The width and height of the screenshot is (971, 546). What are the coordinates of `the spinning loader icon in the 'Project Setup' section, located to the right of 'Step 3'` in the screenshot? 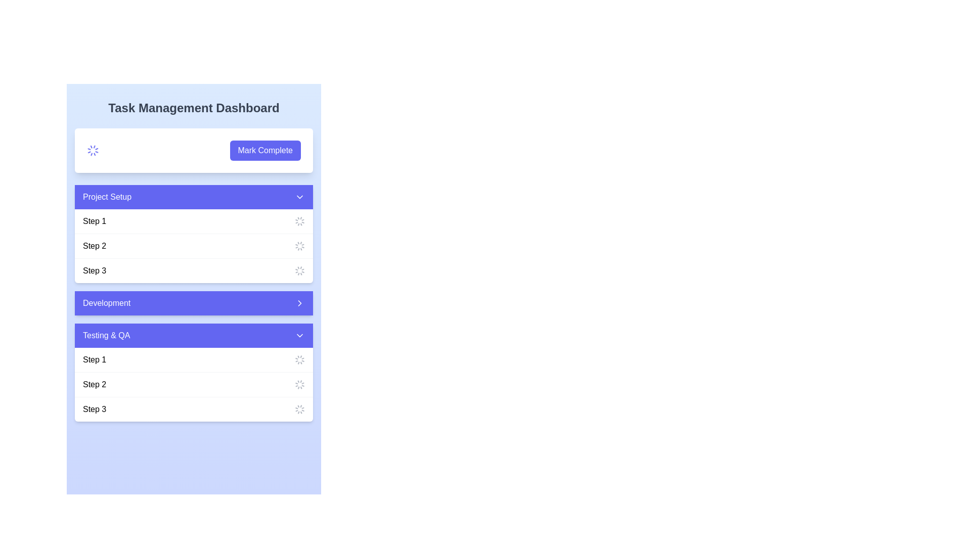 It's located at (299, 409).